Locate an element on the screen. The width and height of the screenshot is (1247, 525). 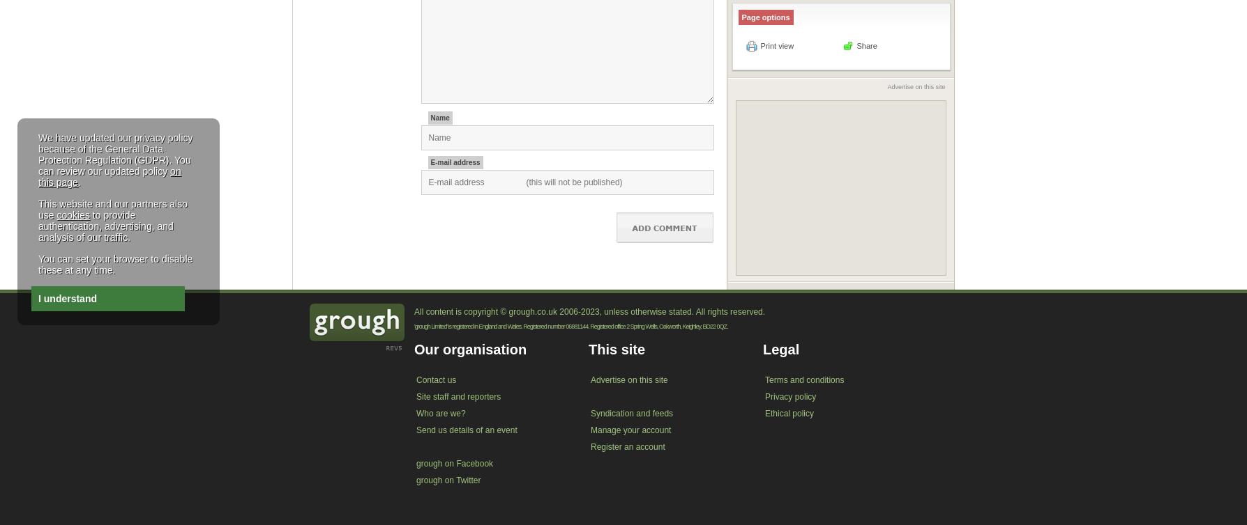
'Who are we?' is located at coordinates (441, 413).